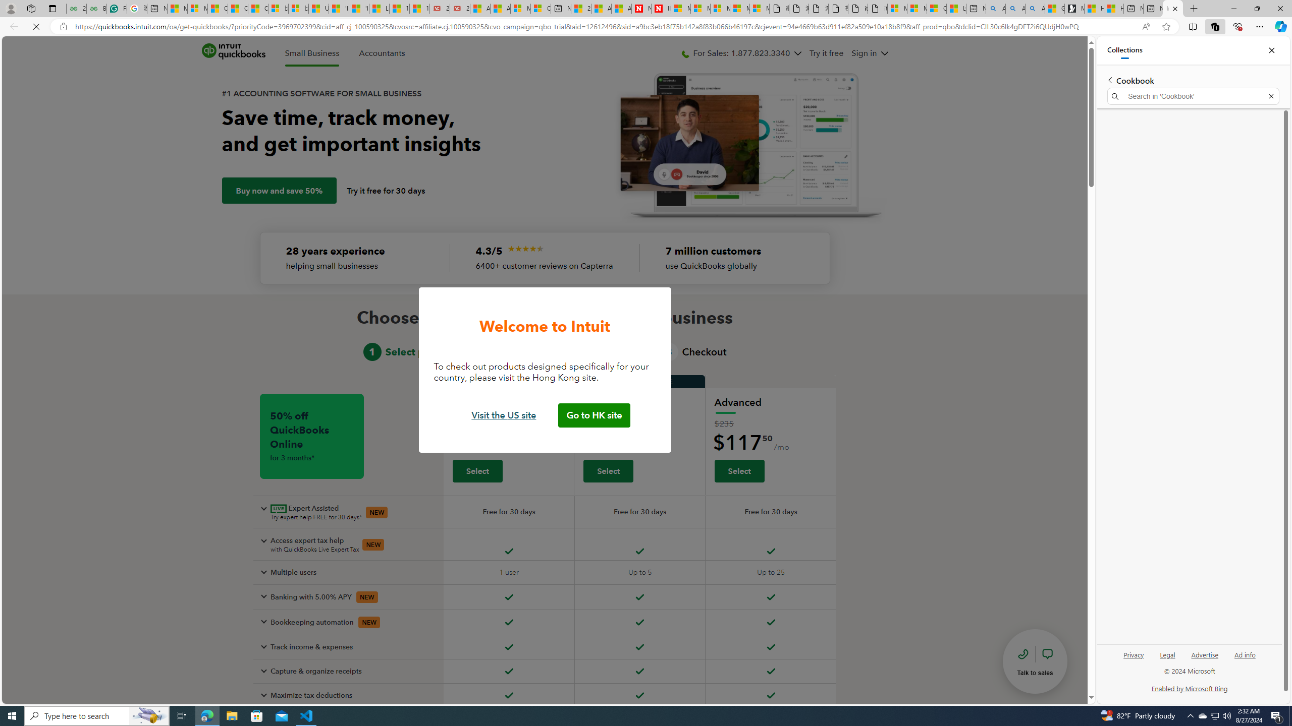 The image size is (1292, 726). What do you see at coordinates (661, 8) in the screenshot?
I see `'Illness news & latest pictures from Newsweek.com'` at bounding box center [661, 8].